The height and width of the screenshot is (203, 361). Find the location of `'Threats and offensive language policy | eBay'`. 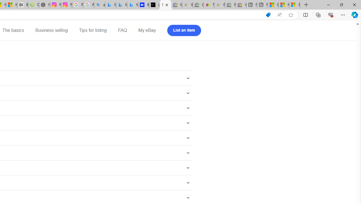

'Threats and offensive language policy | eBay' is located at coordinates (208, 5).